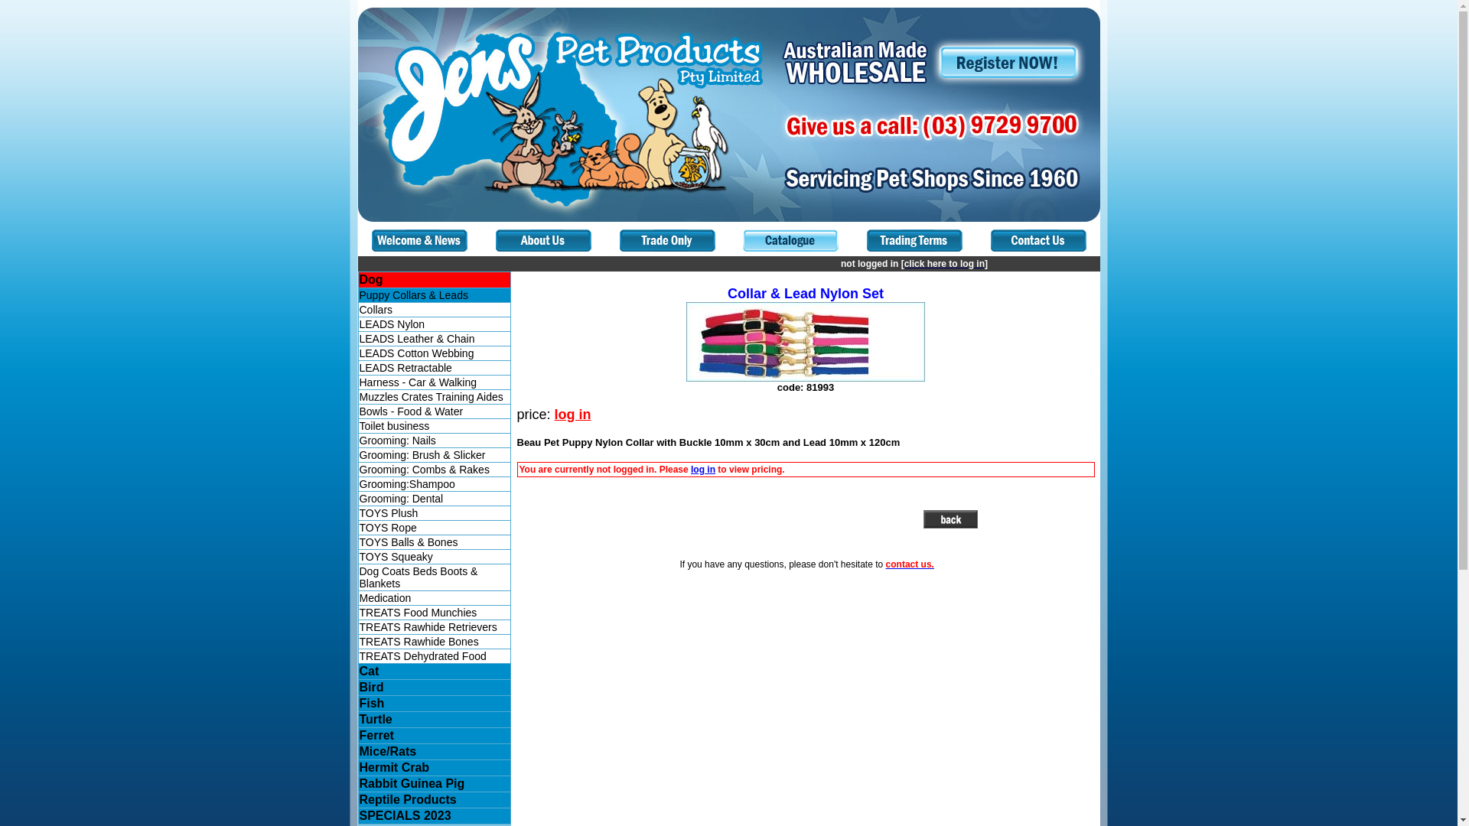 The height and width of the screenshot is (826, 1469). Describe the element at coordinates (432, 382) in the screenshot. I see `'Harness - Car & Walking'` at that location.